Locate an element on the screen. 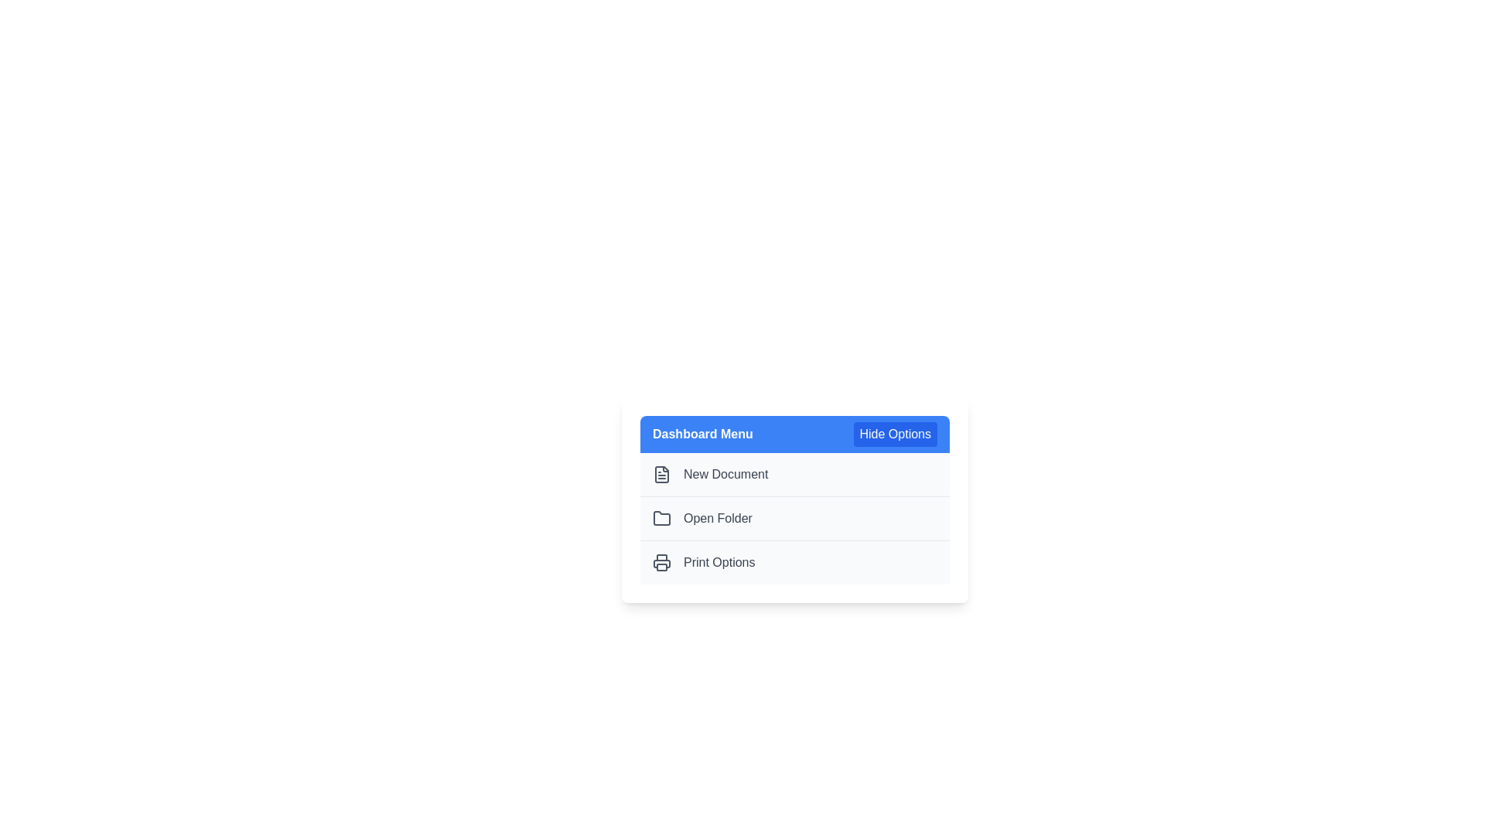 This screenshot has height=835, width=1485. the 'Open Folder' text label, which is displayed in gray (#707070) and positioned to the right of a folder icon is located at coordinates (717, 519).